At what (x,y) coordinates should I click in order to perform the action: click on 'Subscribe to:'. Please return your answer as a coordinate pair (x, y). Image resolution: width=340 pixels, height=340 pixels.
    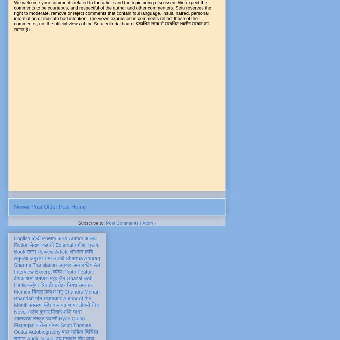
    Looking at the image, I should click on (92, 222).